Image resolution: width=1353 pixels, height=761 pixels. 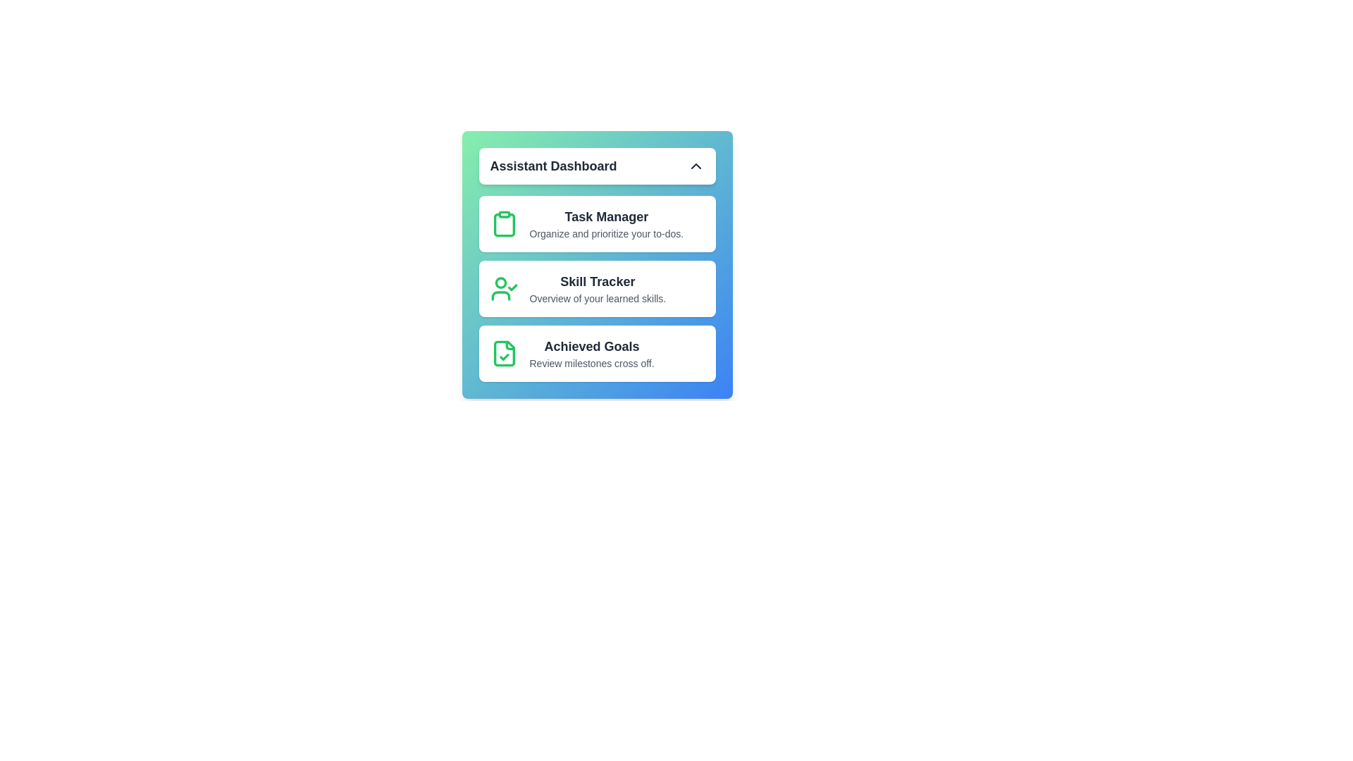 What do you see at coordinates (597, 165) in the screenshot?
I see `dropdown toggle button to toggle the menu visibility` at bounding box center [597, 165].